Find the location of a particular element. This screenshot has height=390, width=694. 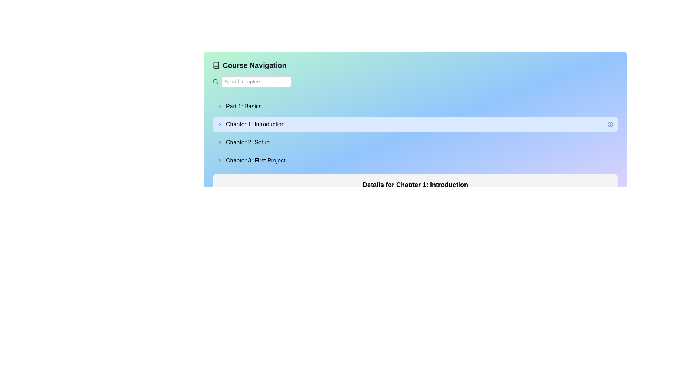

the 'Chapter 2: Setup' text label with icon in the course navigation menu is located at coordinates (243, 142).